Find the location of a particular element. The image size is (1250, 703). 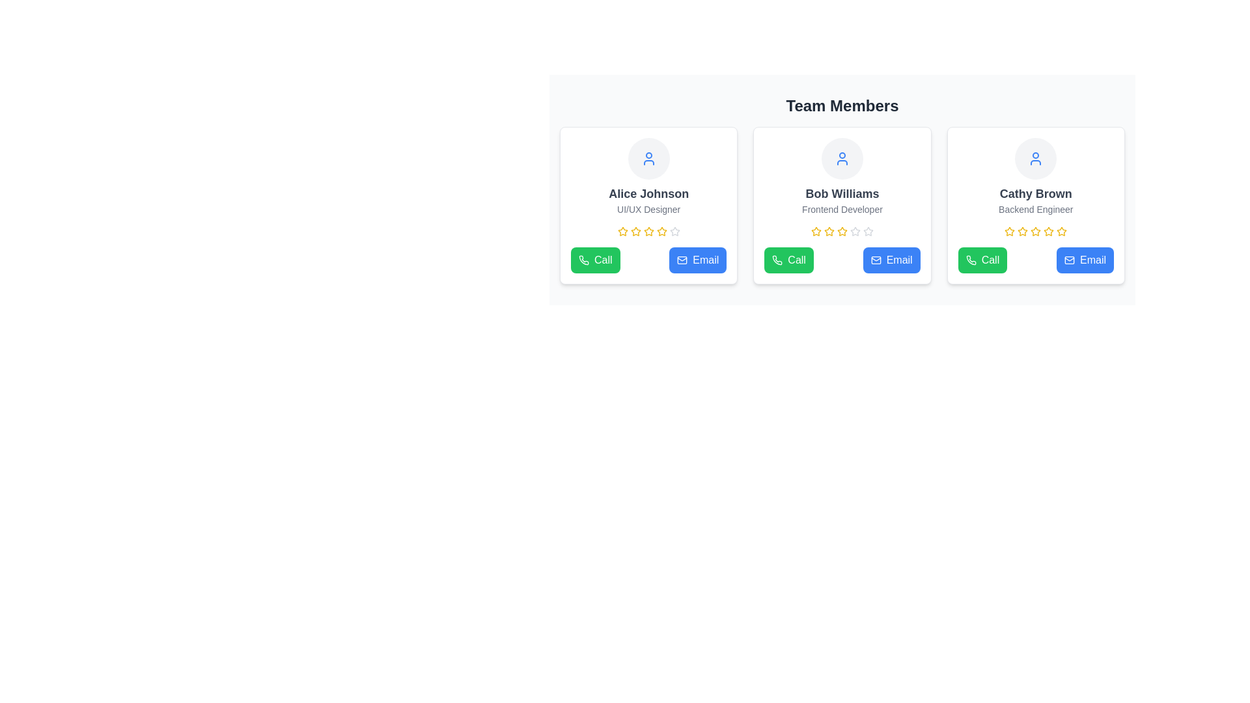

the center of the envelope icon representing the email action for 'Cathy Brown' located at the bottom-right corner of her profile card is located at coordinates (1069, 260).